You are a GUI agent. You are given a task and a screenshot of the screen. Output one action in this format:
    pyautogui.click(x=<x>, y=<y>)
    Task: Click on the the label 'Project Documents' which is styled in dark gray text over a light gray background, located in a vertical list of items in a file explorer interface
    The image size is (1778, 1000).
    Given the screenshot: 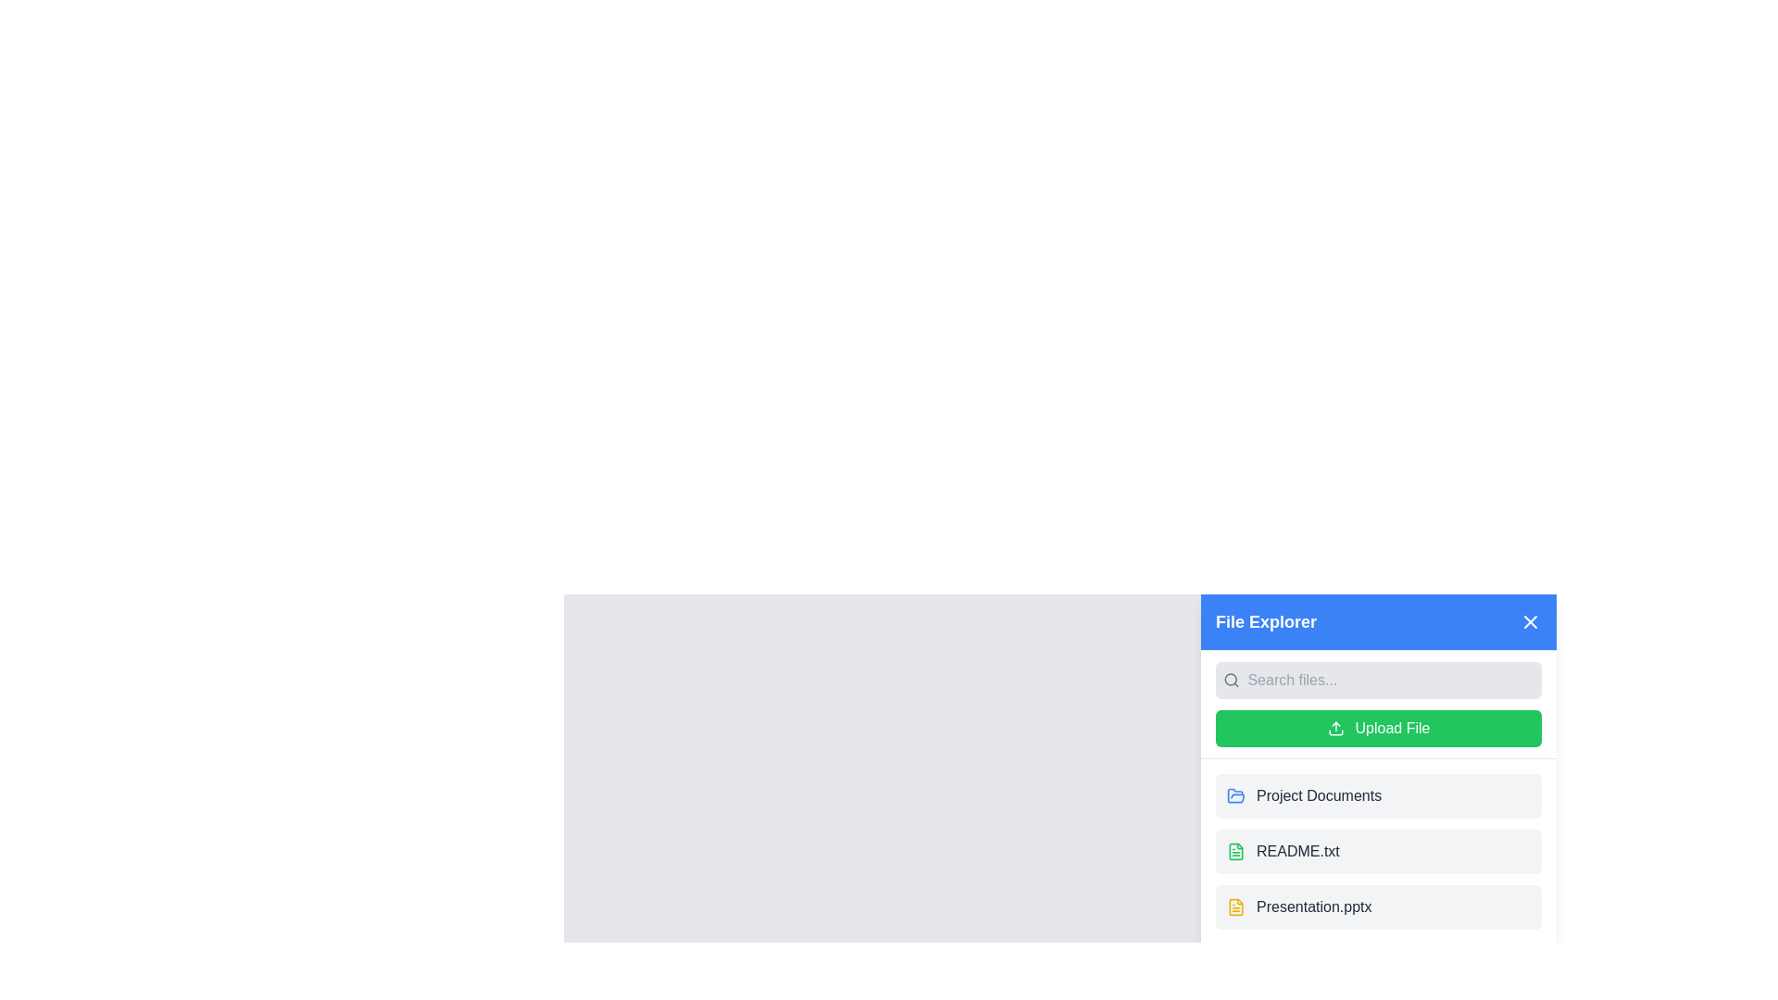 What is the action you would take?
    pyautogui.click(x=1318, y=795)
    